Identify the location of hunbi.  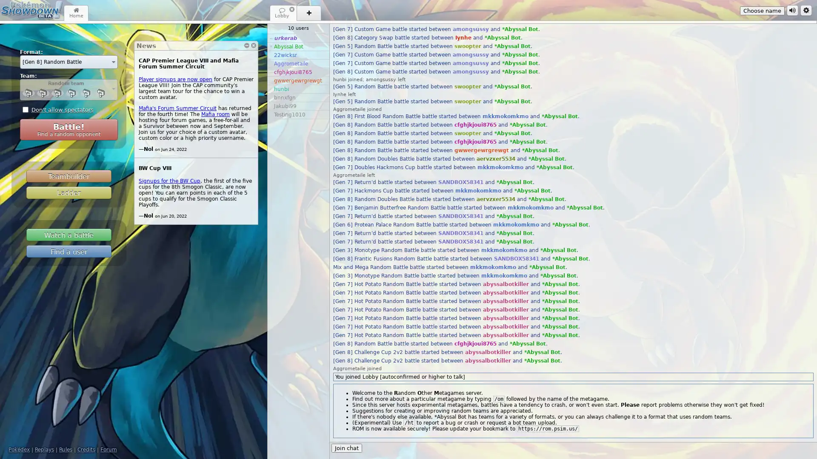
(298, 89).